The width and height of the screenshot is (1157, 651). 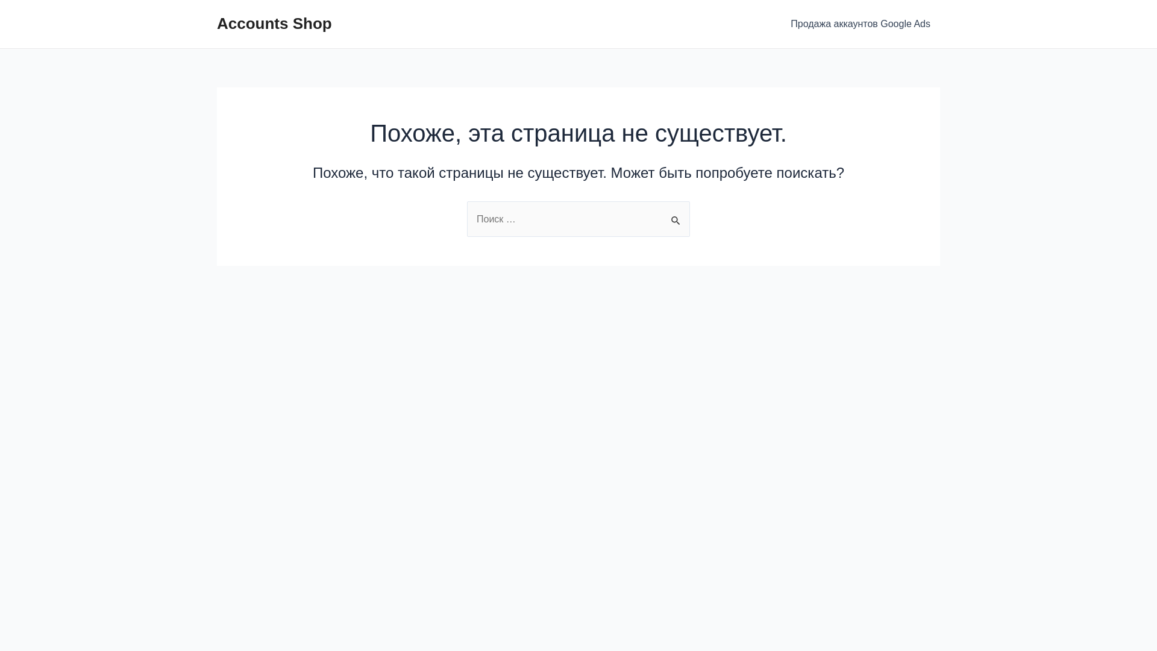 What do you see at coordinates (274, 23) in the screenshot?
I see `'Accounts Shop'` at bounding box center [274, 23].